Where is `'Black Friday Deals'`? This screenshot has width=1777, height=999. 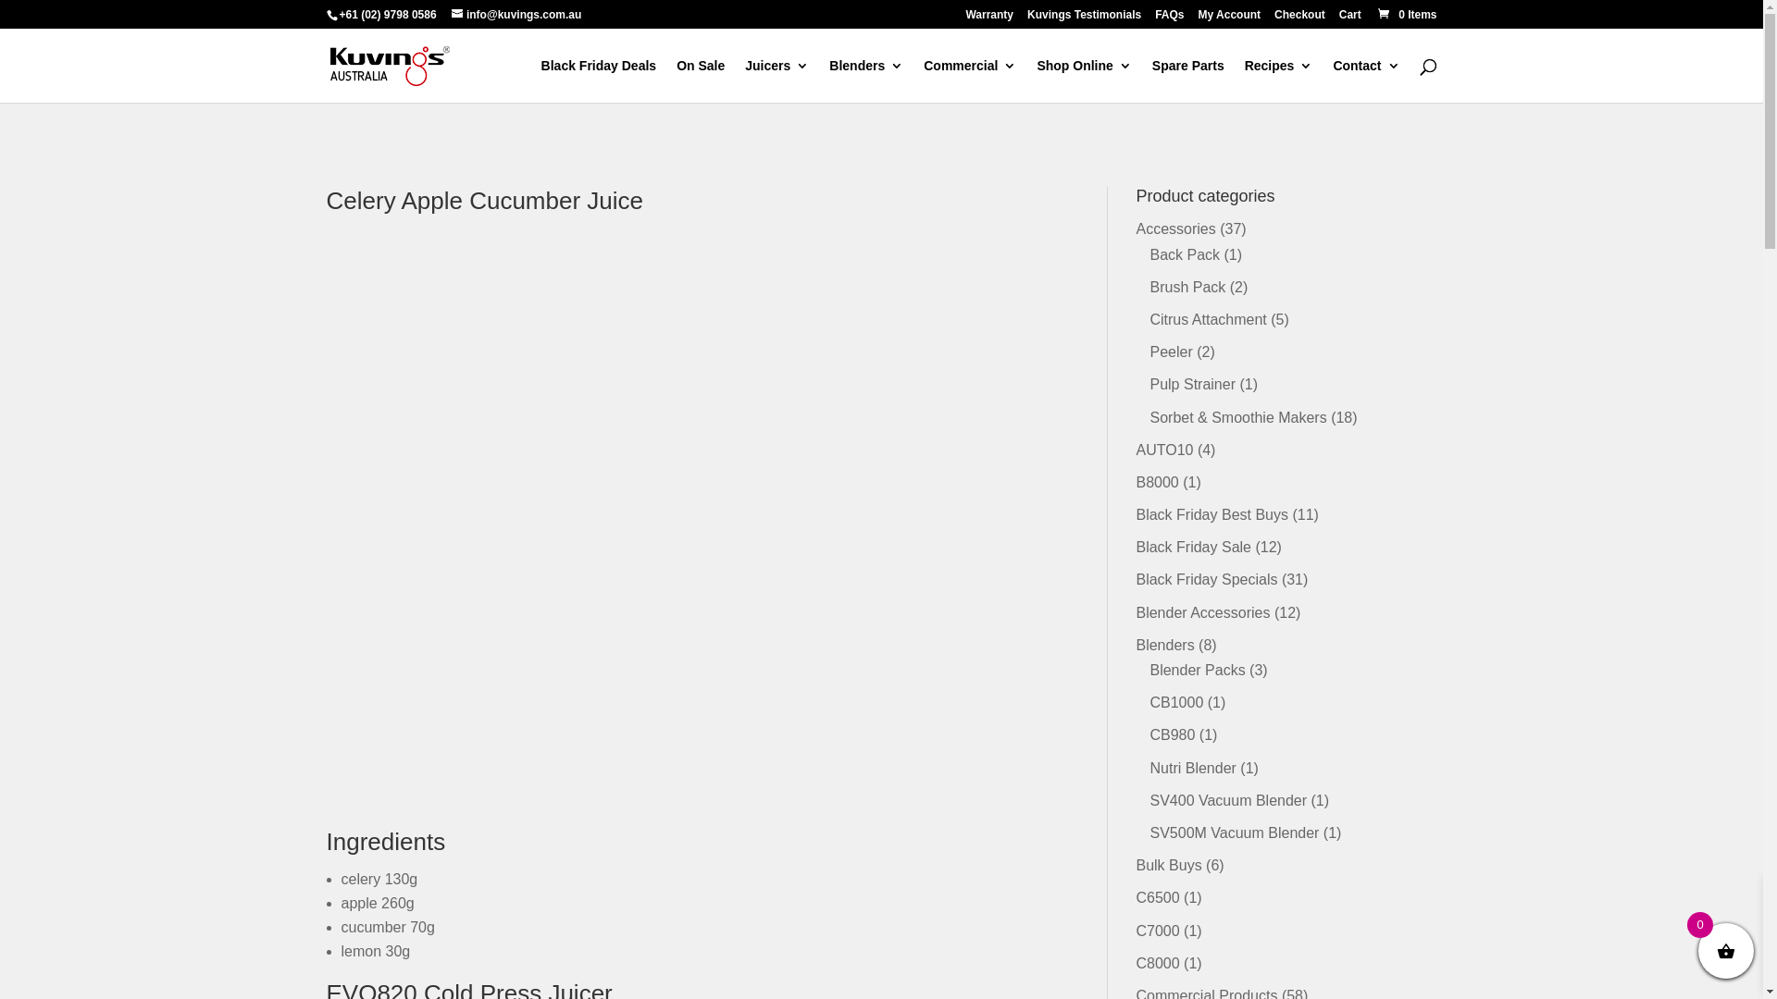 'Black Friday Deals' is located at coordinates (599, 80).